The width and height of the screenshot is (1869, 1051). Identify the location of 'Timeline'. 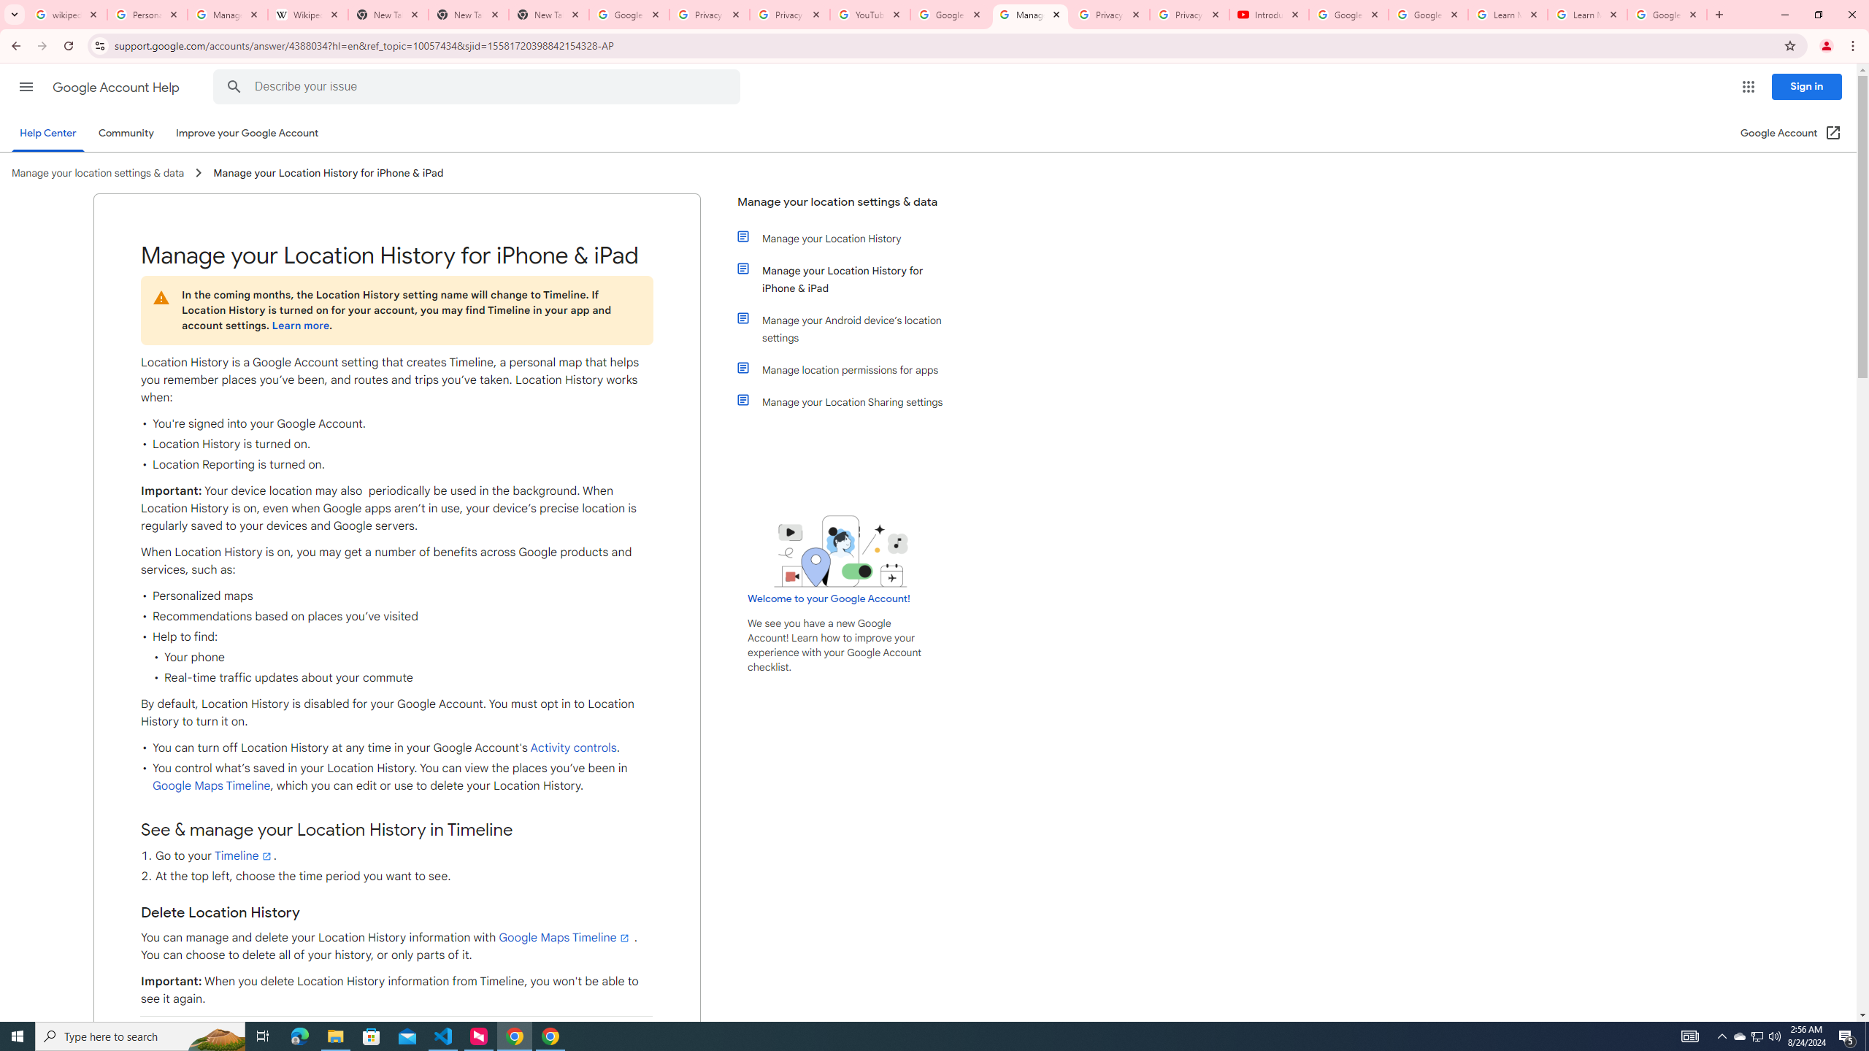
(242, 855).